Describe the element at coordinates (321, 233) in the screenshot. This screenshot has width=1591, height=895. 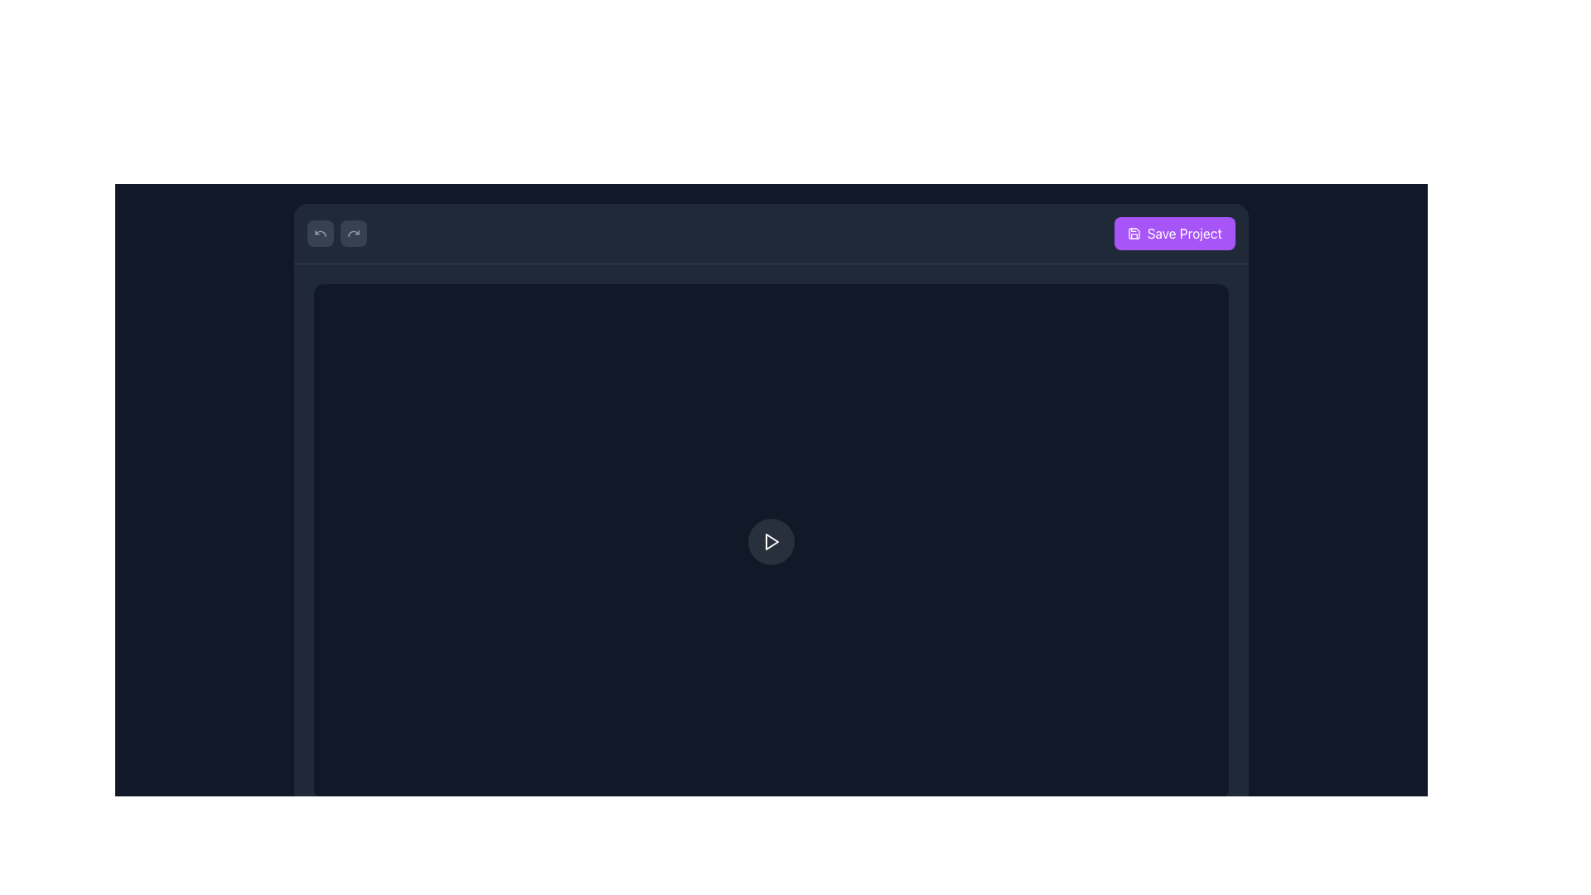
I see `the undo action icon located in a gray rounded rectangular button near the top-left corner of the interface, positioned between a close button and another icon` at that location.